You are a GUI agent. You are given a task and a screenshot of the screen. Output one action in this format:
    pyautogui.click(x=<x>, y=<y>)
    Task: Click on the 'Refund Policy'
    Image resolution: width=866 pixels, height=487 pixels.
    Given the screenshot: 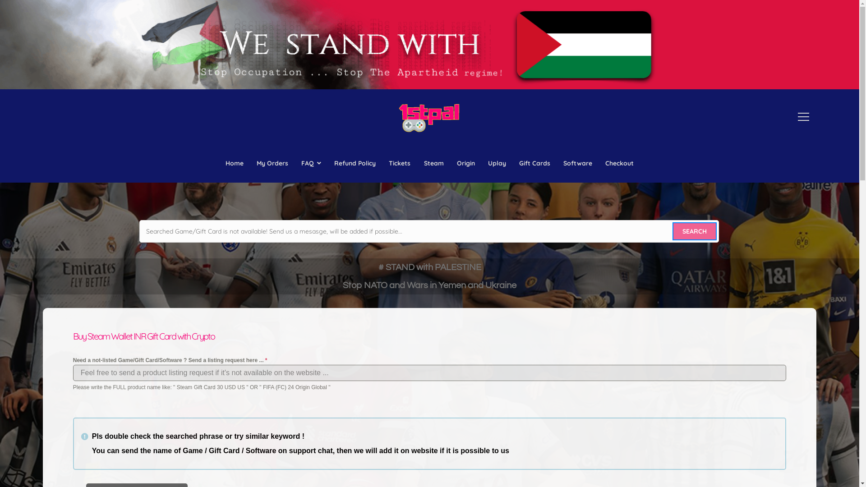 What is the action you would take?
    pyautogui.click(x=355, y=163)
    